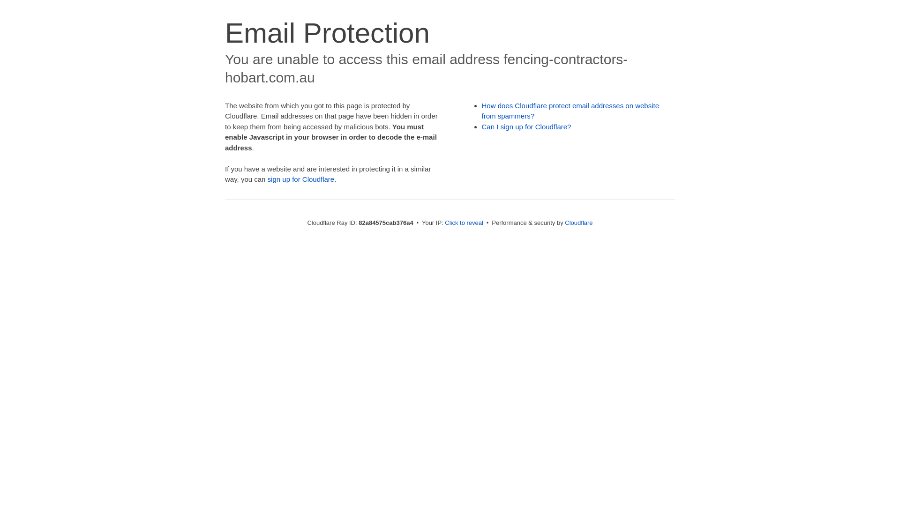  Describe the element at coordinates (464, 223) in the screenshot. I see `'Click to reveal'` at that location.